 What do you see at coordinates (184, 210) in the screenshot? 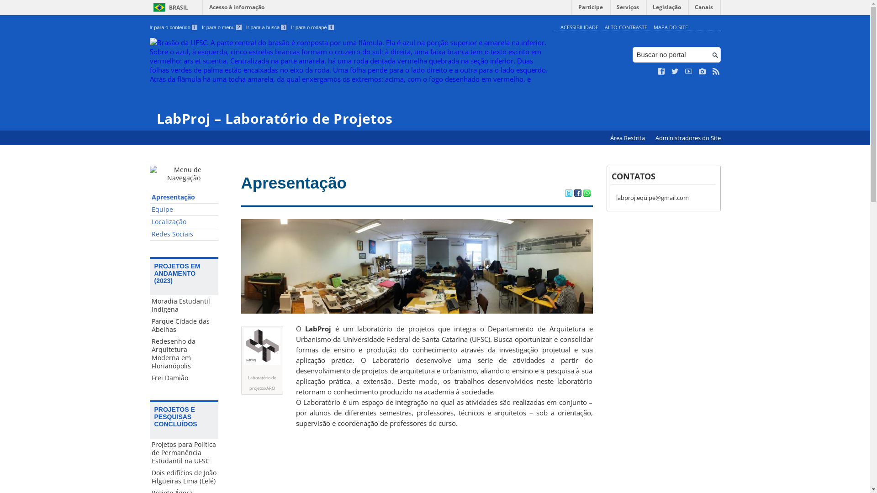
I see `'Equipe'` at bounding box center [184, 210].